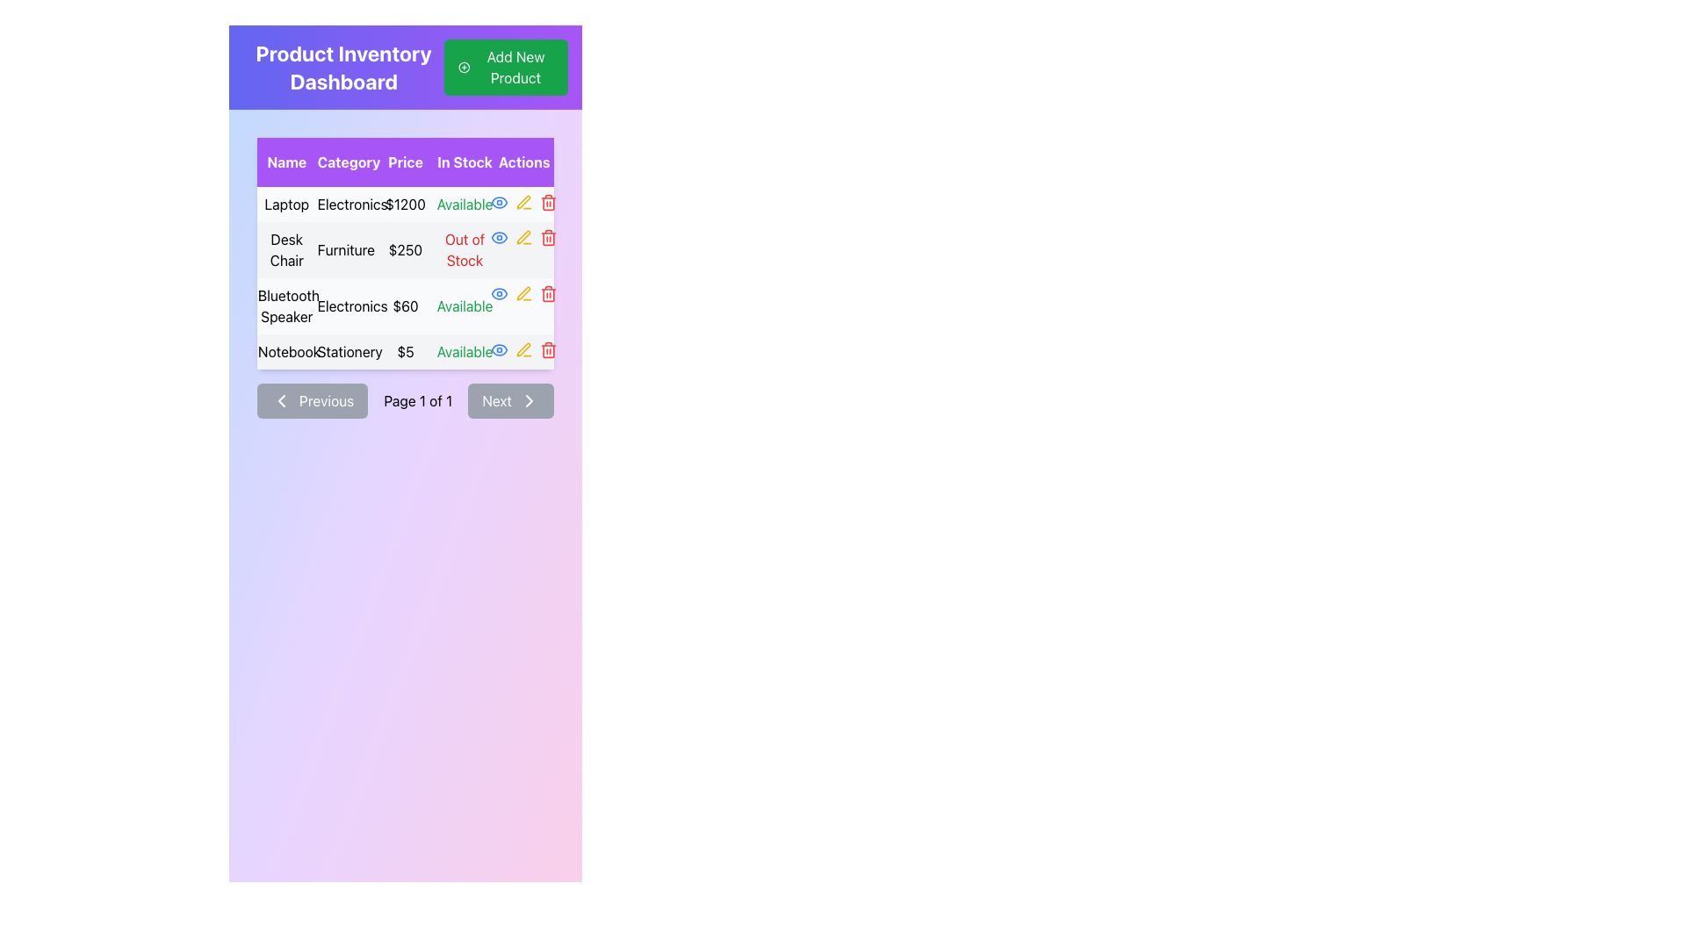 Image resolution: width=1686 pixels, height=948 pixels. Describe the element at coordinates (529, 400) in the screenshot. I see `the icon located inside the 'Next' button, positioned to the right of the text label` at that location.